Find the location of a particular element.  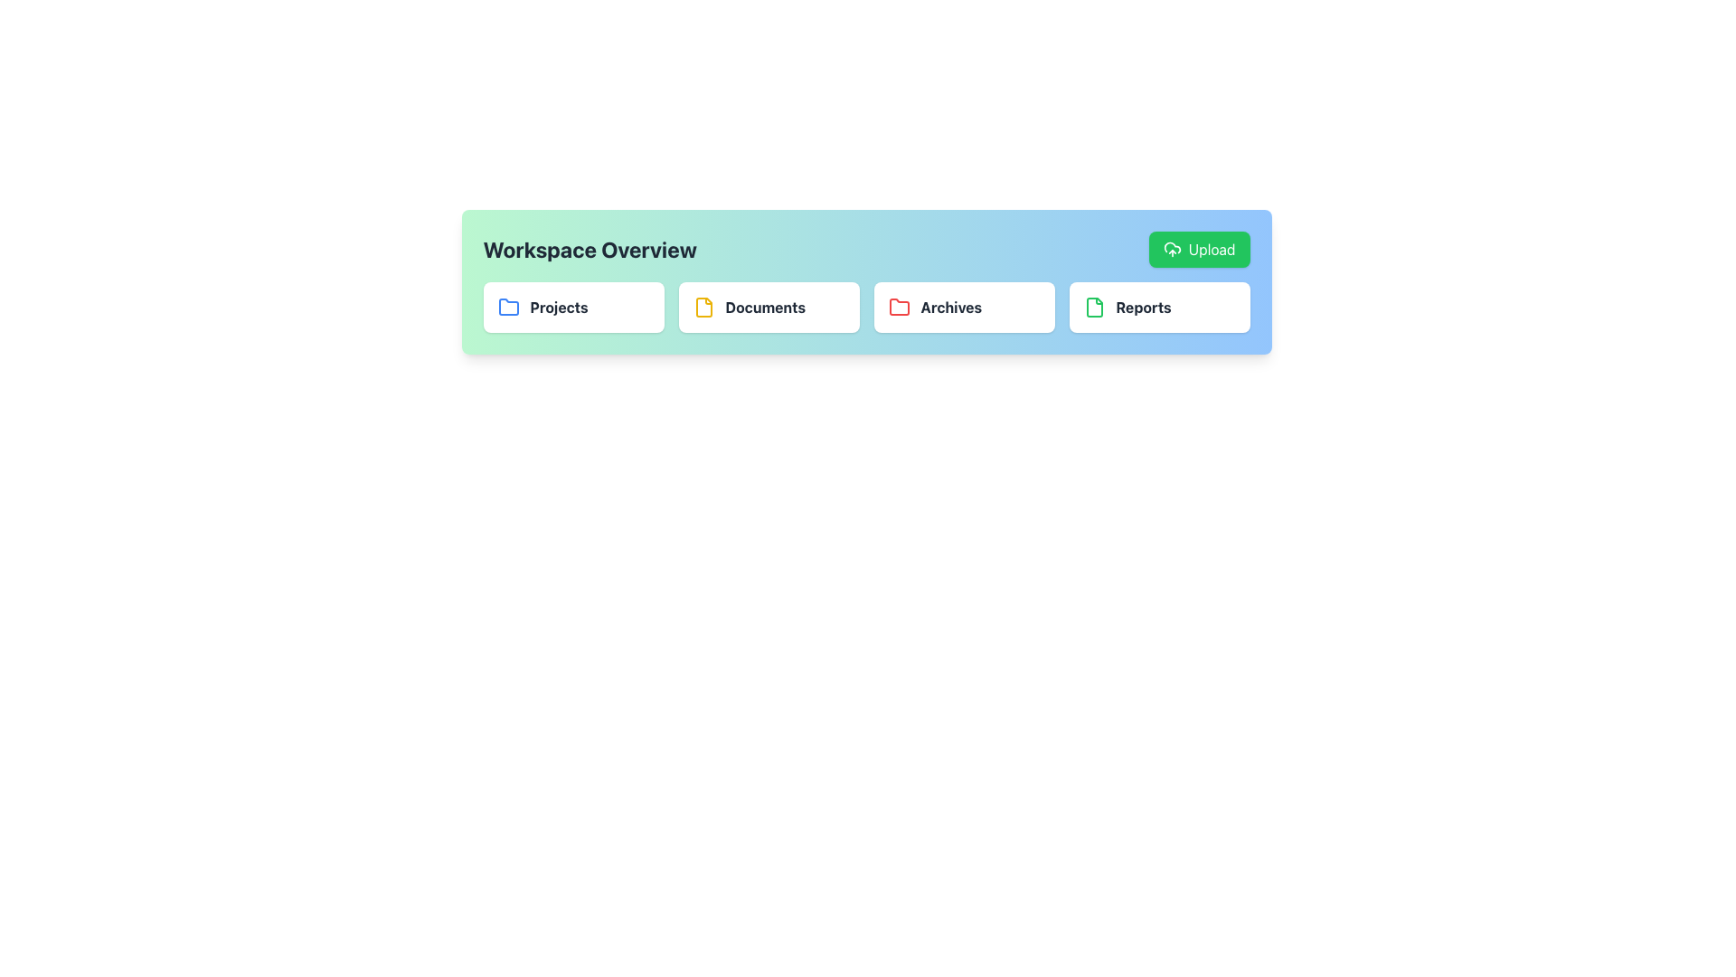

the 'Documents' icon in the Workspace Overview navigation bar, which visually represents the category of documents is located at coordinates (703, 306).